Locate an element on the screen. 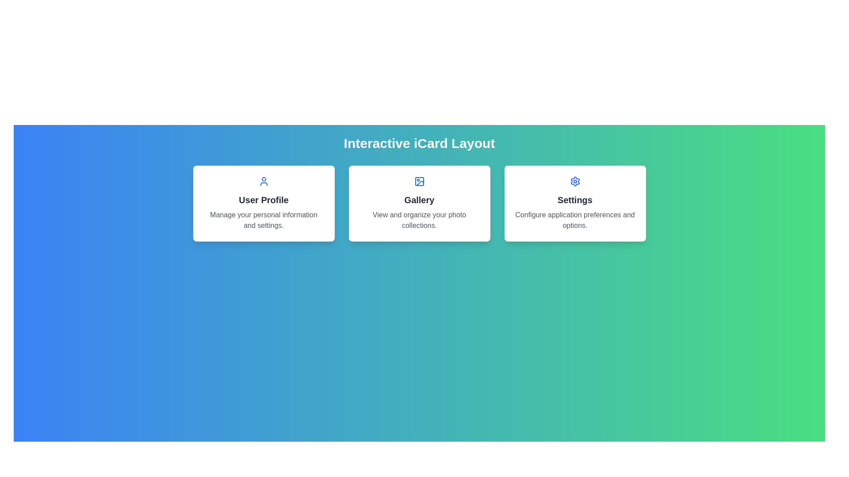 The width and height of the screenshot is (849, 477). the text label that describes the purpose of the 'Settings' card, located beneath the 'Settings' text, which is the third card from the left in a row of three is located at coordinates (575, 220).